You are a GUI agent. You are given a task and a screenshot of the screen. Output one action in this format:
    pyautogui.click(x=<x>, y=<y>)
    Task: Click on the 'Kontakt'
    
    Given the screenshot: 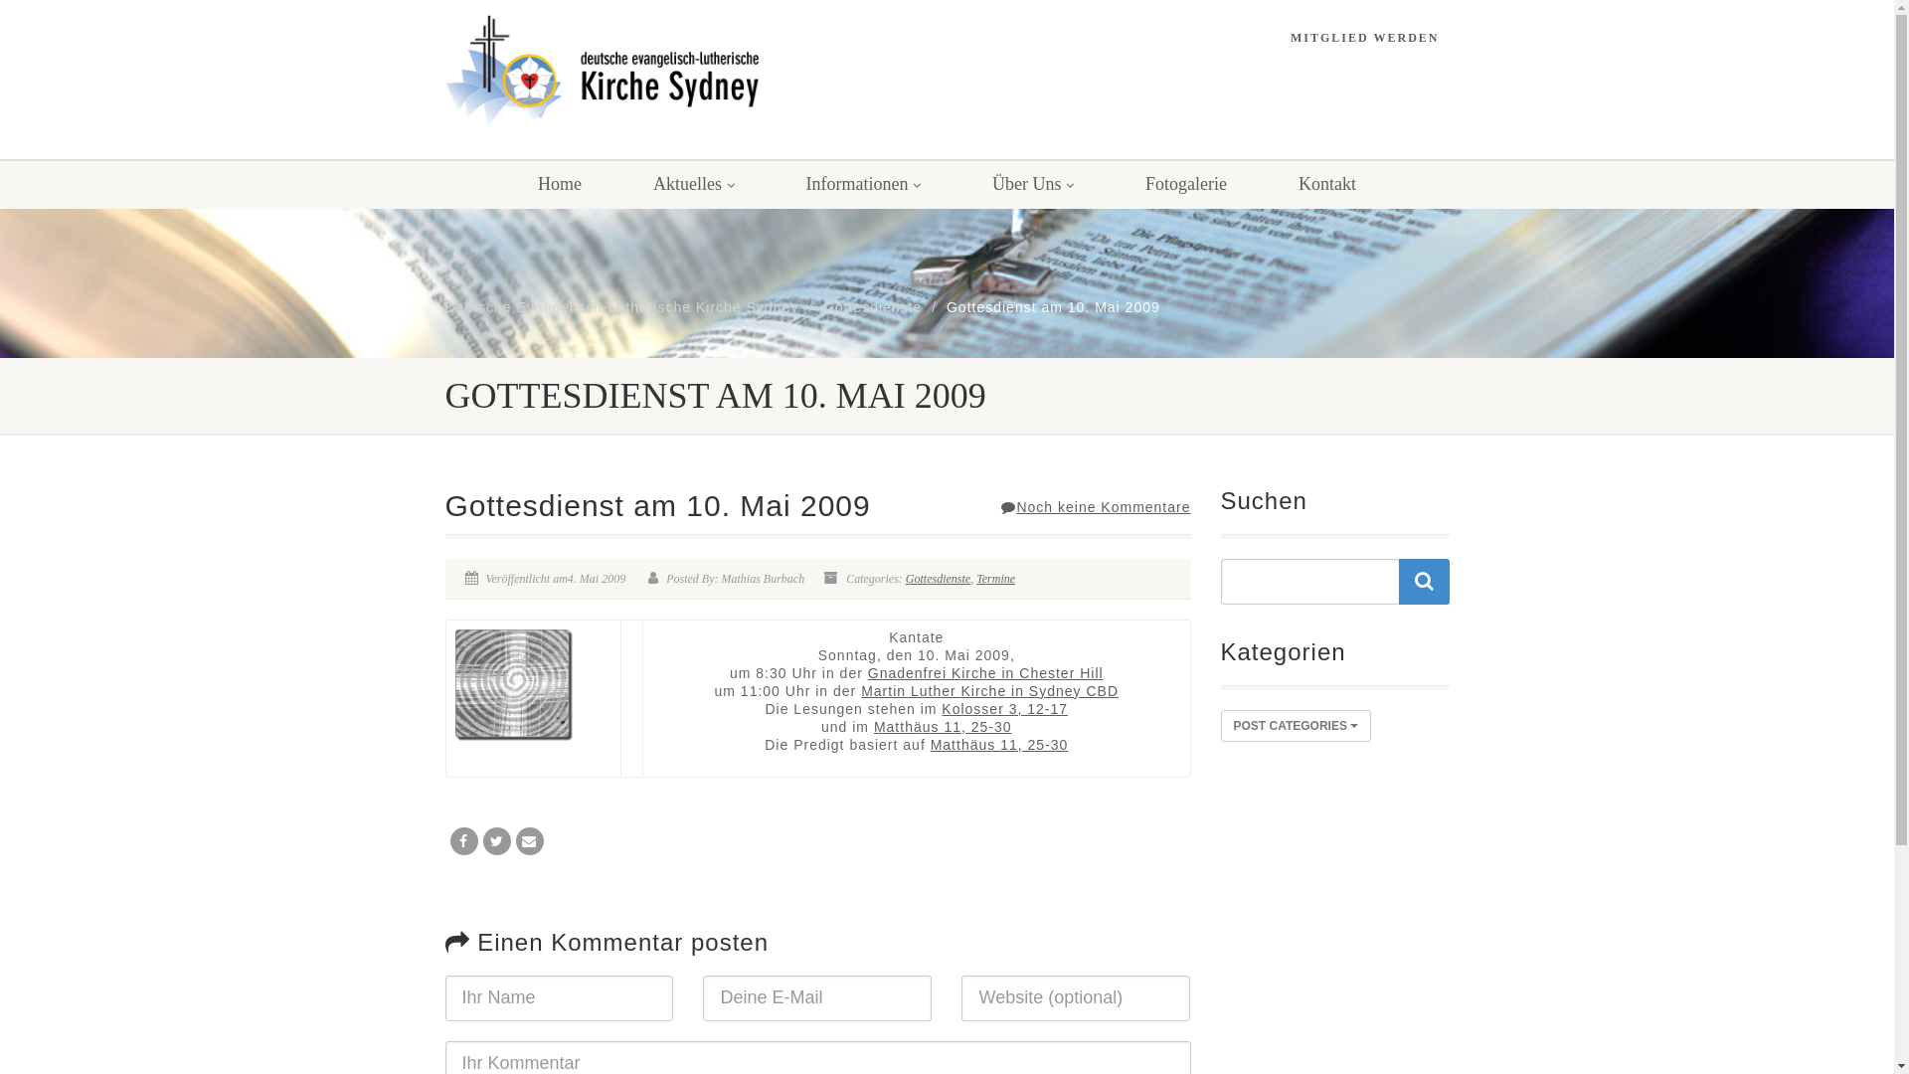 What is the action you would take?
    pyautogui.click(x=1262, y=184)
    